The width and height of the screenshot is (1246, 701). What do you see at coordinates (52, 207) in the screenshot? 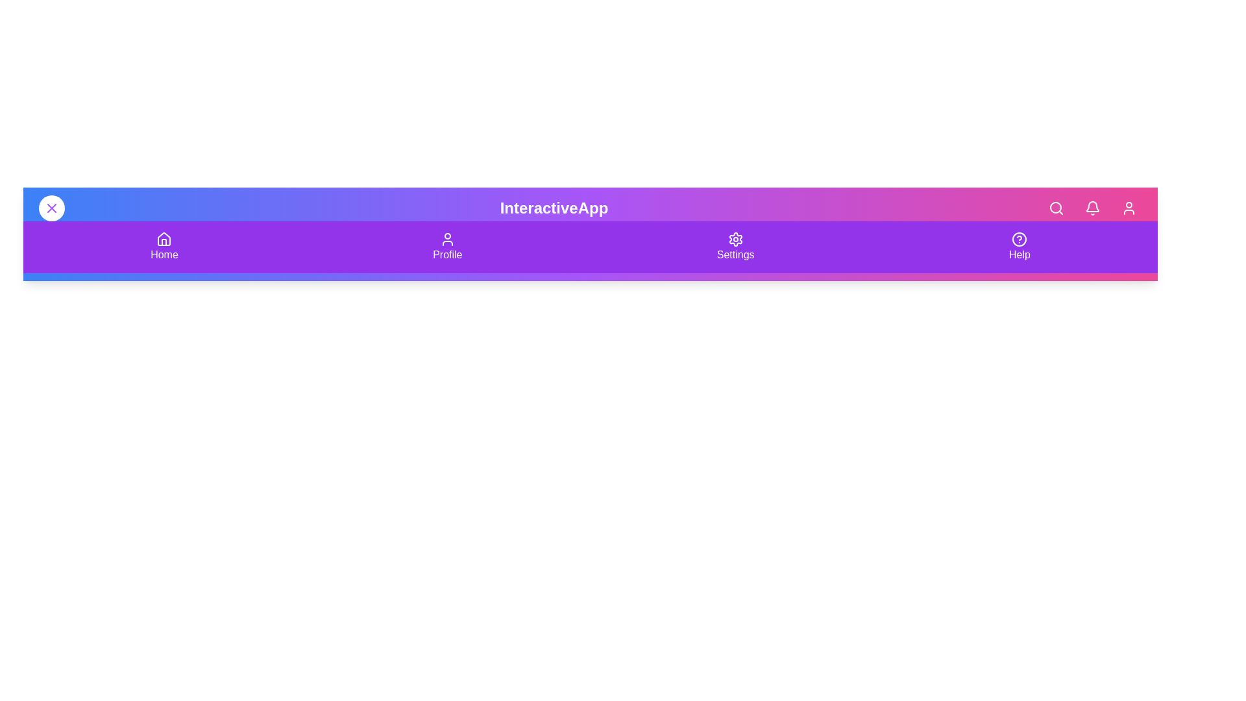
I see `the menu toggle button to toggle the menu visibility` at bounding box center [52, 207].